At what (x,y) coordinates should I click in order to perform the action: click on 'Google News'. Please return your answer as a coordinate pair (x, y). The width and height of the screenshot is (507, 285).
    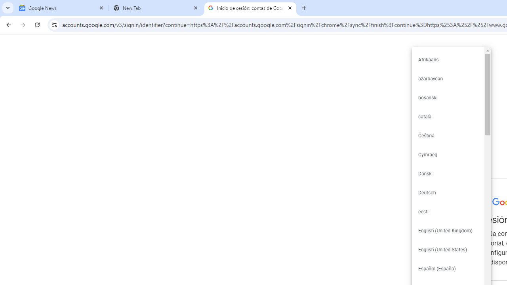
    Looking at the image, I should click on (61, 8).